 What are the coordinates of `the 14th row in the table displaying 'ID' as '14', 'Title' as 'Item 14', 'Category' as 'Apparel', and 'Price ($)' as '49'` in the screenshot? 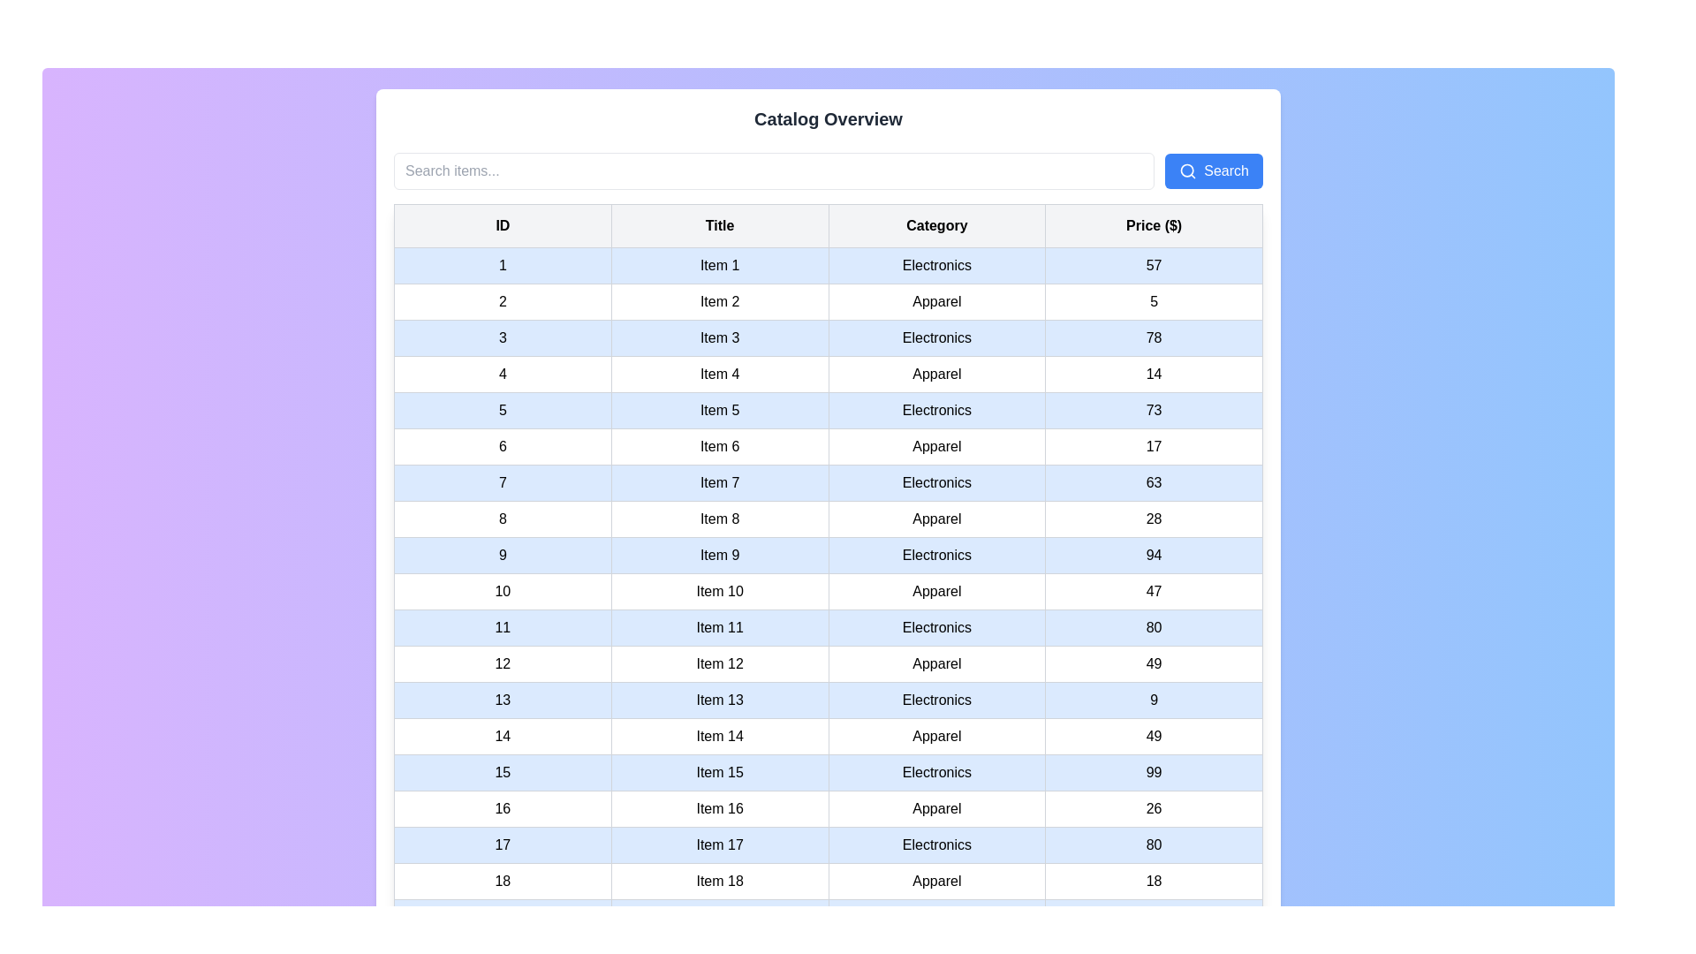 It's located at (827, 736).